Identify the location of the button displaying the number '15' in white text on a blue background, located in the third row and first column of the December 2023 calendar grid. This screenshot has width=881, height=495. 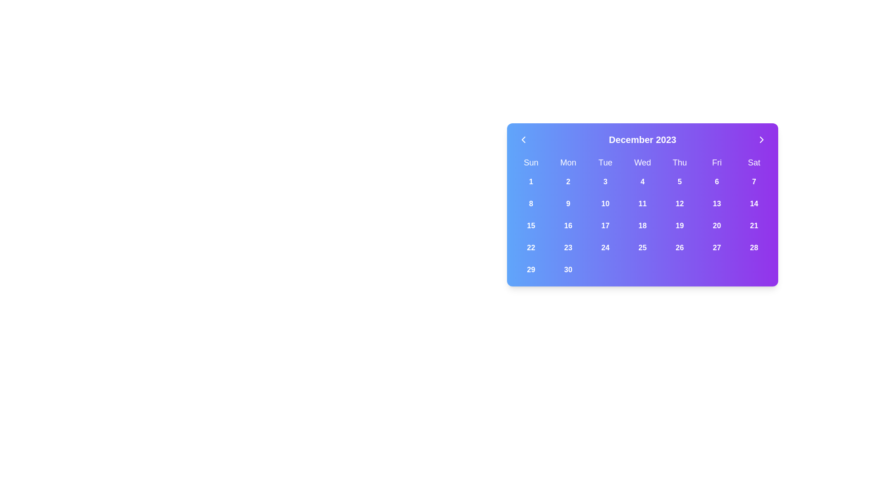
(531, 226).